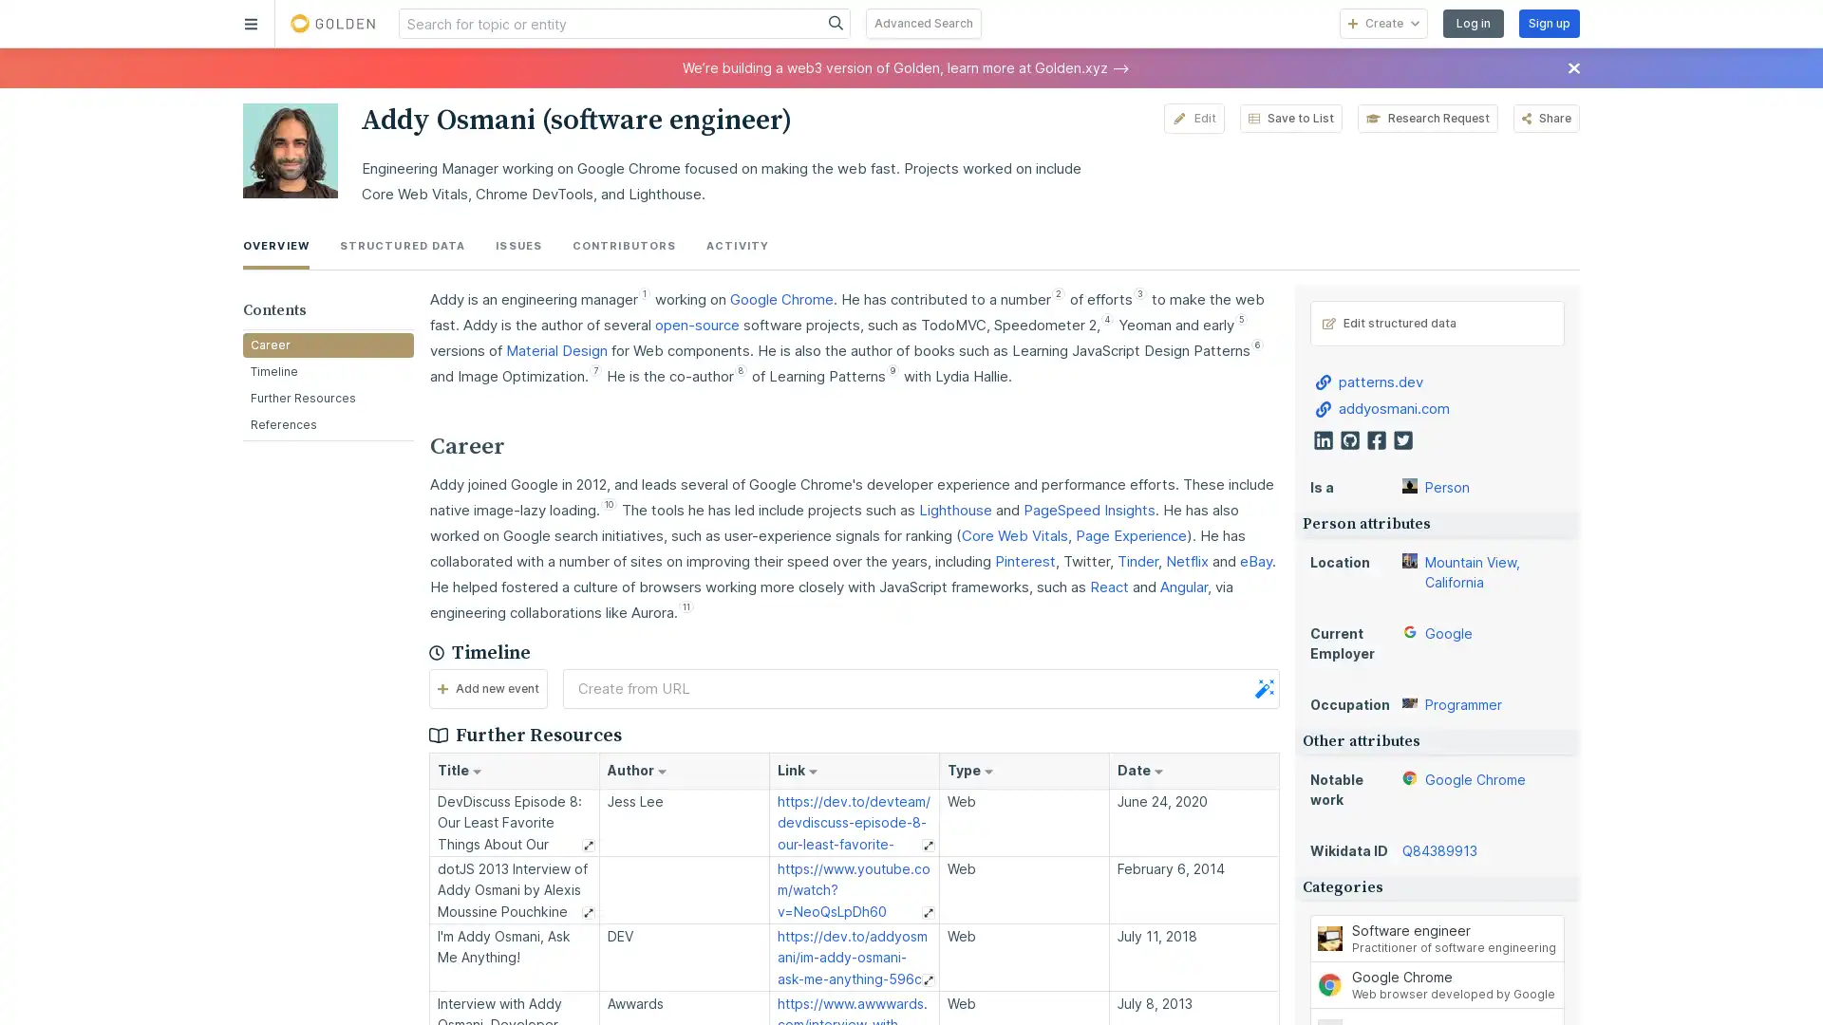 This screenshot has height=1025, width=1823. What do you see at coordinates (487, 688) in the screenshot?
I see `Add new event` at bounding box center [487, 688].